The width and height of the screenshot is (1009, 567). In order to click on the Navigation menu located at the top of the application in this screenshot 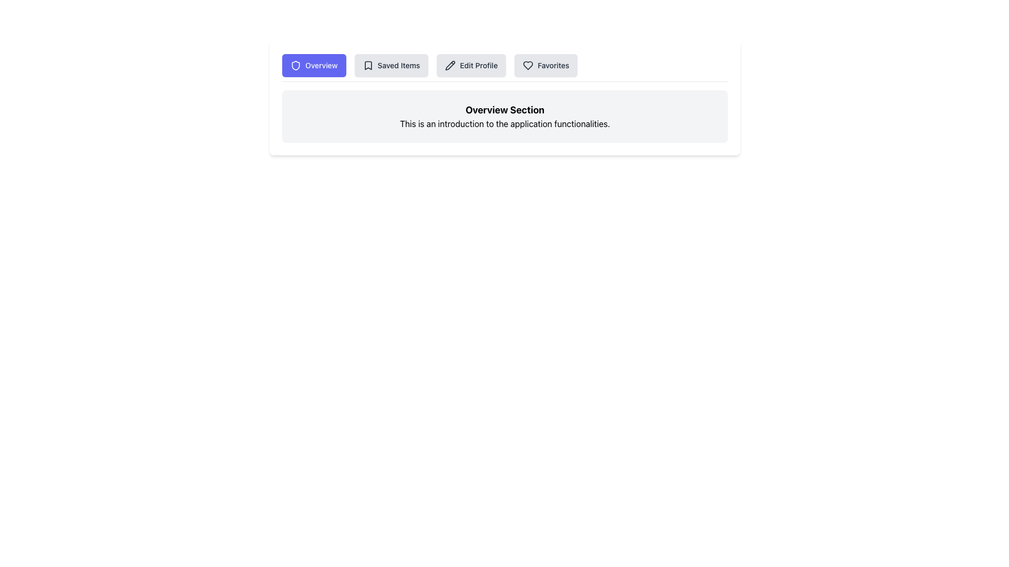, I will do `click(504, 68)`.